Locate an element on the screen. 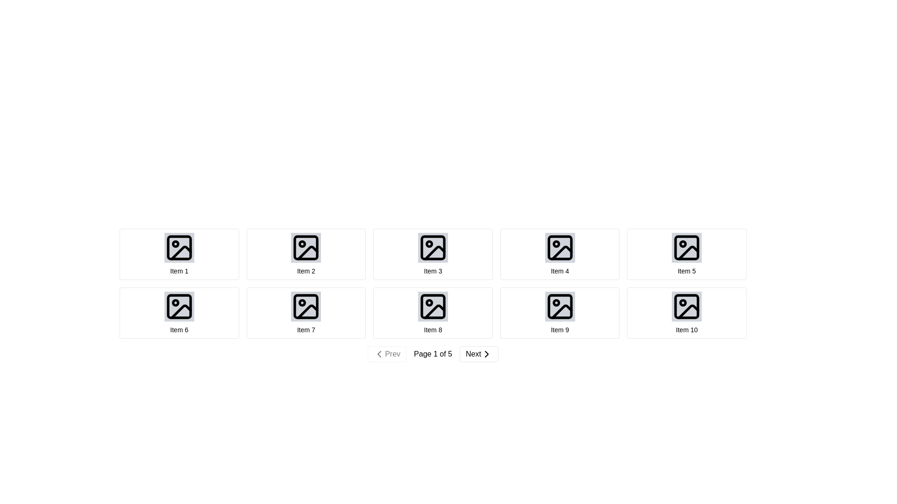 The width and height of the screenshot is (897, 504). the text label displaying 'Item 7', which is positioned below an image placeholder in the grid of item cards is located at coordinates (306, 329).